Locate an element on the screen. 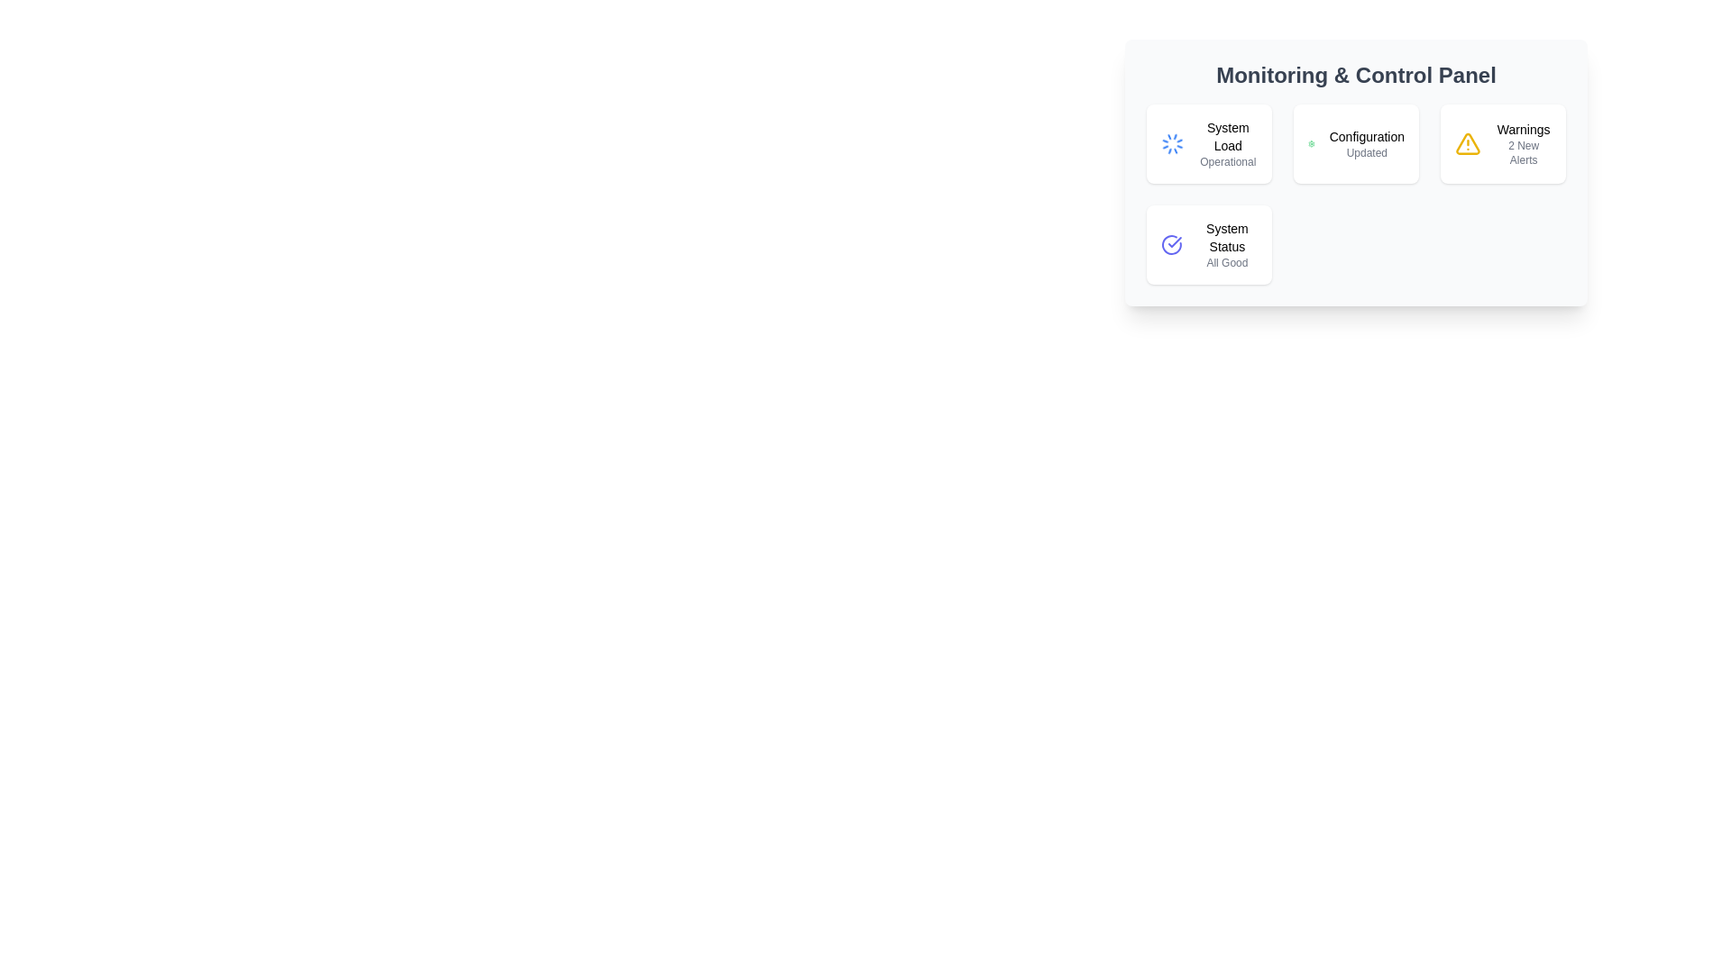  status indicator text label located in the rounded white box, which is the second item in the horizontal row of elements in the 'Monitoring & Control Panel' section is located at coordinates (1367, 142).